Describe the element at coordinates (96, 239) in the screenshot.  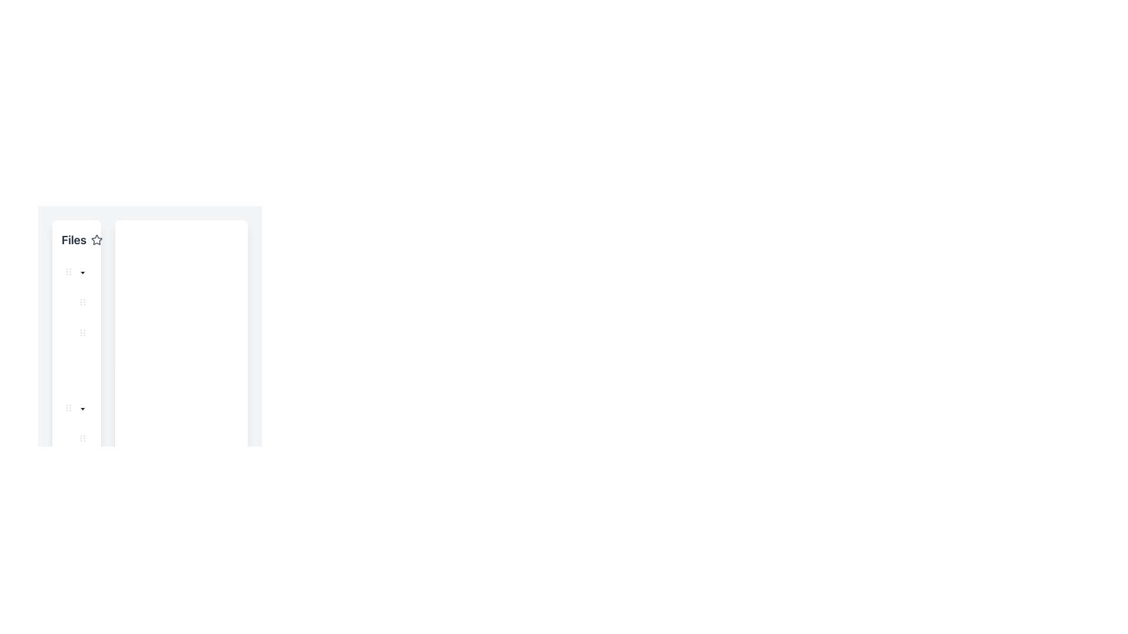
I see `the star button located in the vertical toolbar on the left side of the interface, positioned before the share icon, to mark an item as a favorite or save it` at that location.